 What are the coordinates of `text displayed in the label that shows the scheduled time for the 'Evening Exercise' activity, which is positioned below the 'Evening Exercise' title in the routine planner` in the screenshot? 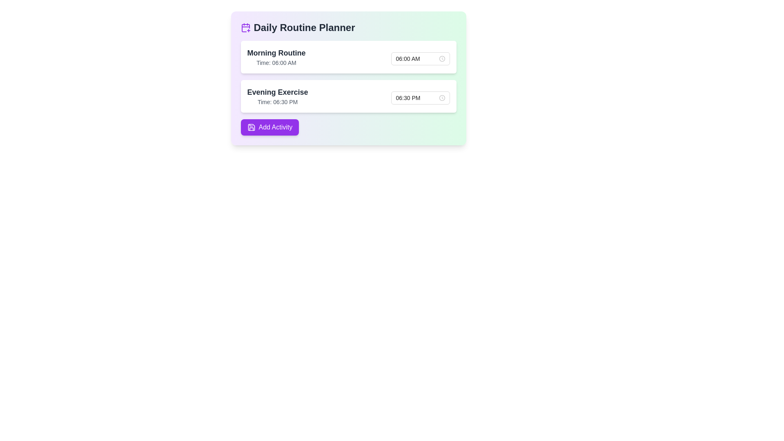 It's located at (278, 102).